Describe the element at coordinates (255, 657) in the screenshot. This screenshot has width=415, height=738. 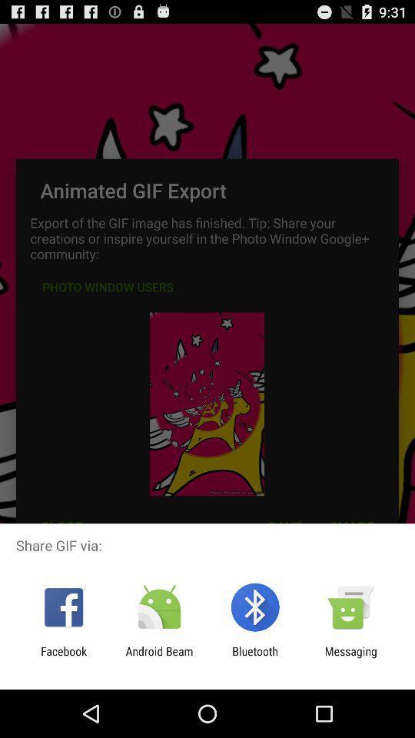
I see `the app next to the messaging item` at that location.